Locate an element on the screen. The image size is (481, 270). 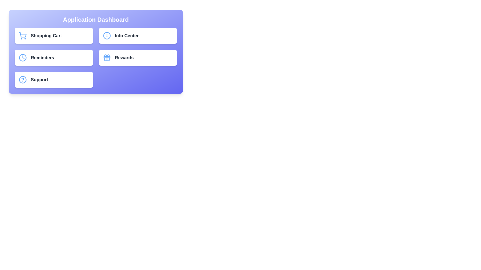
the blue clock icon located within the 'Reminders' card to interact with its associated feature is located at coordinates (23, 57).